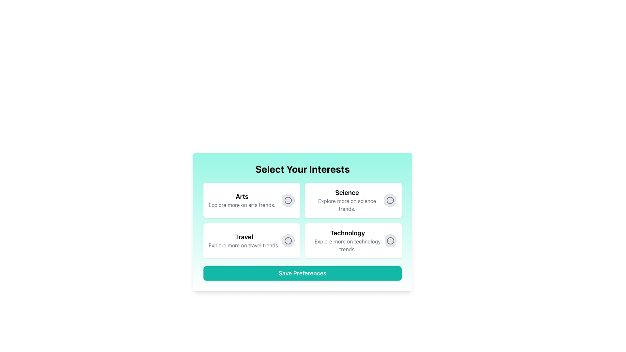  Describe the element at coordinates (347, 204) in the screenshot. I see `the text label 'Explore more on science trends.' which is located beneath the title 'Science' in the second column of the 'Select Your Interests' section` at that location.